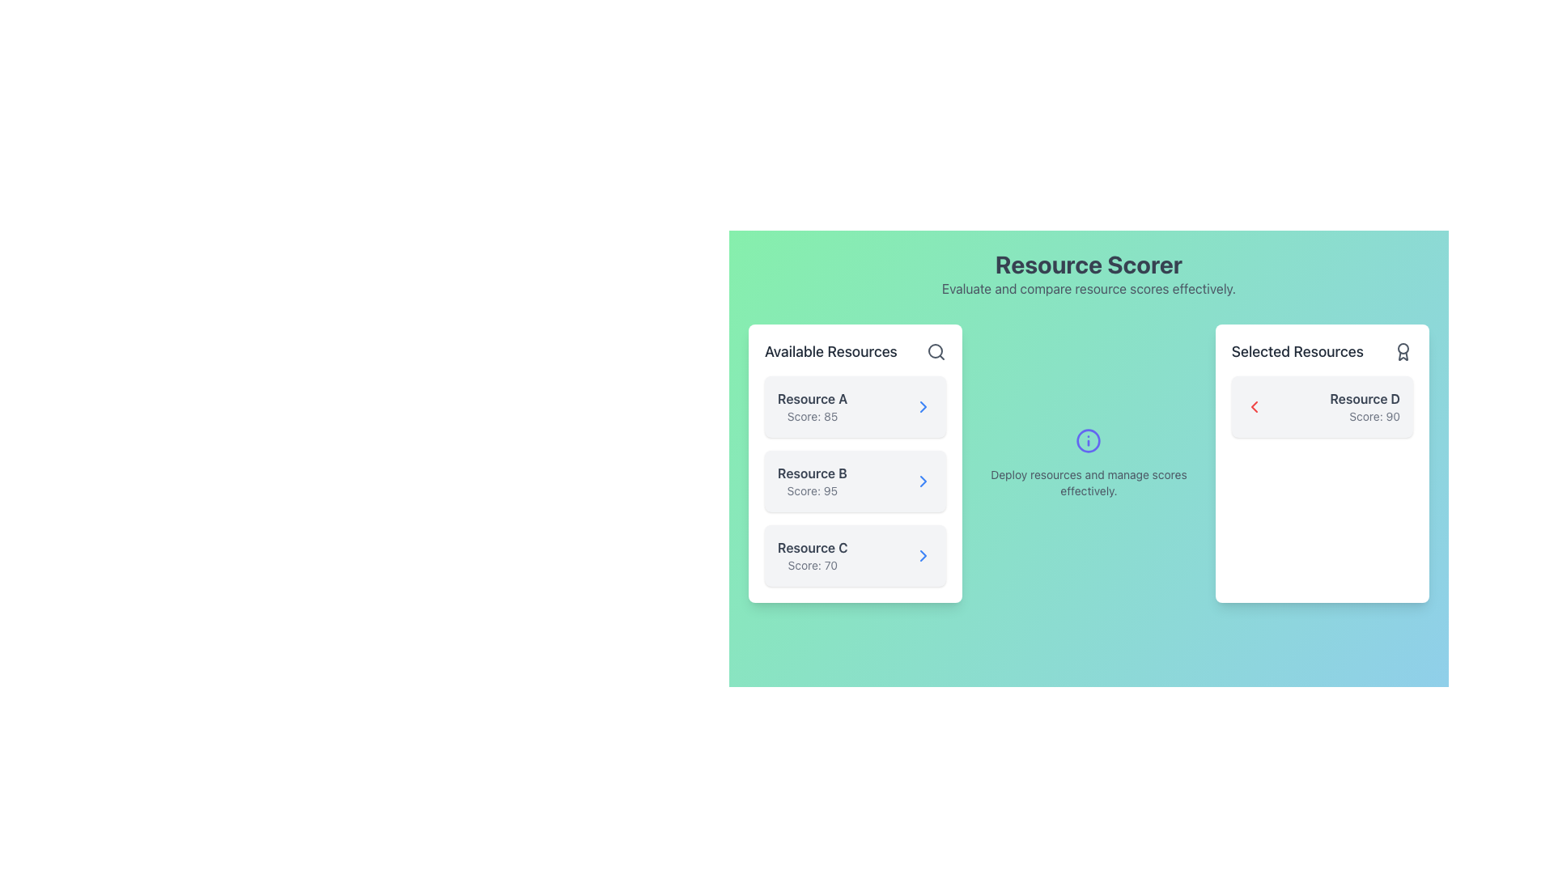  What do you see at coordinates (923, 554) in the screenshot?
I see `the right-pointing chevron icon styled in blue, located in the rightmost corner of the card labeled 'Resource C Score: 70'` at bounding box center [923, 554].